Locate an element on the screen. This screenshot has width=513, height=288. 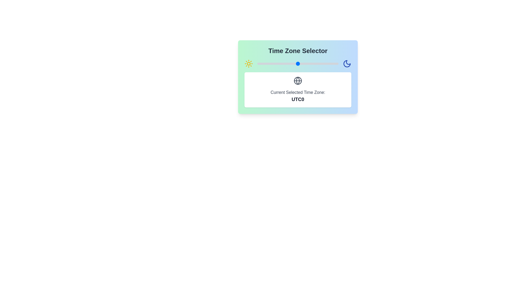
the time zone offset is located at coordinates (328, 63).